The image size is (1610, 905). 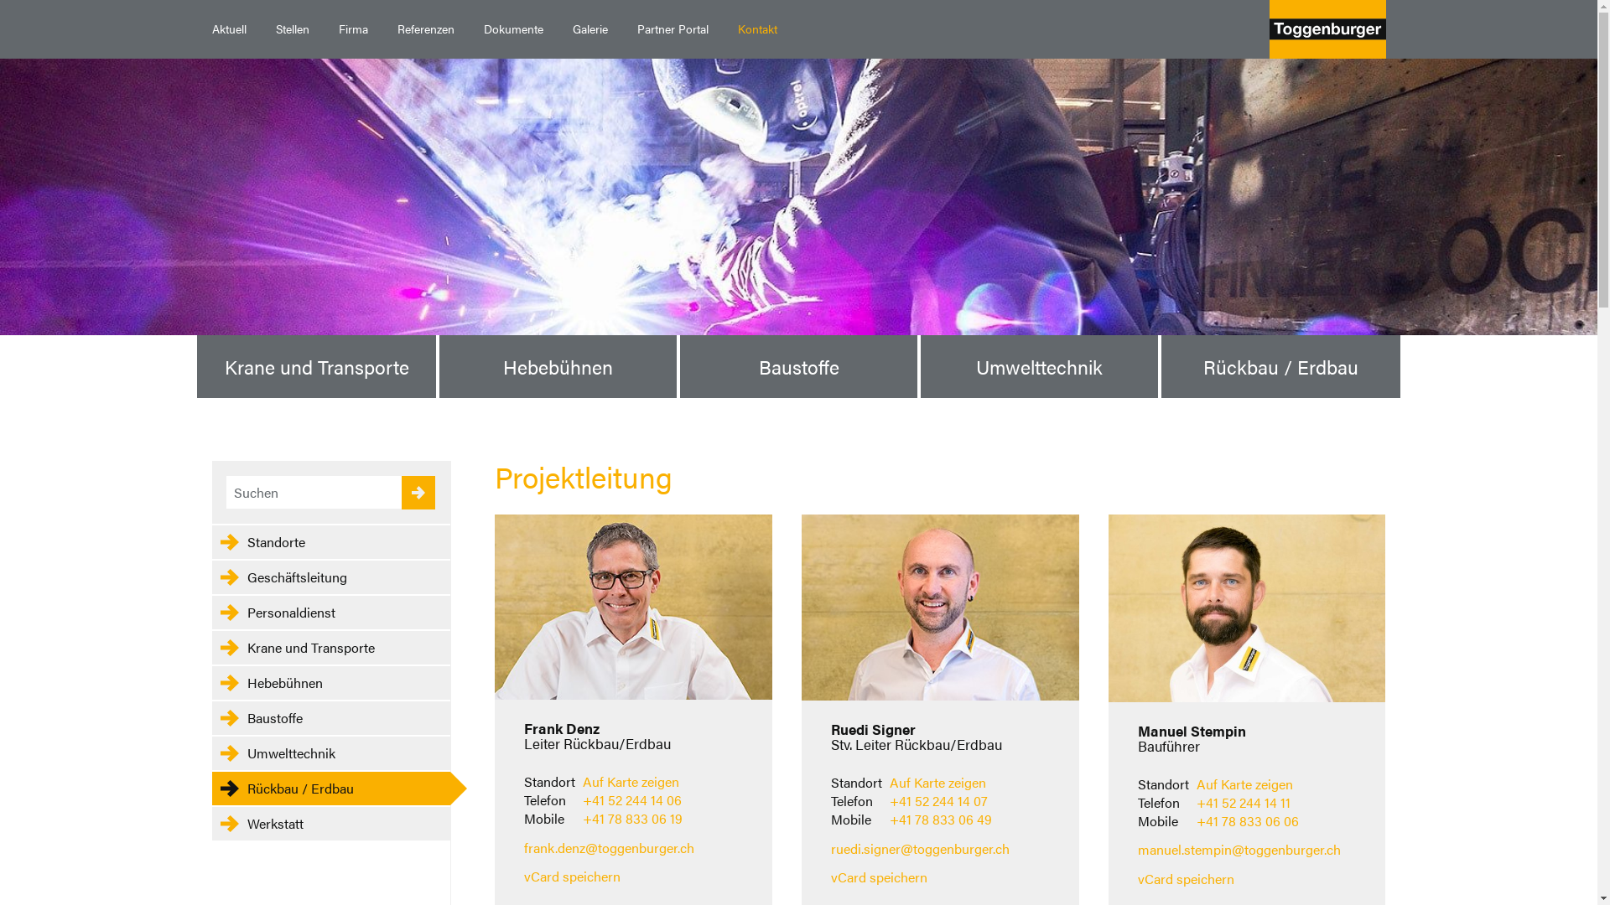 I want to click on 'Referenzen', so click(x=425, y=28).